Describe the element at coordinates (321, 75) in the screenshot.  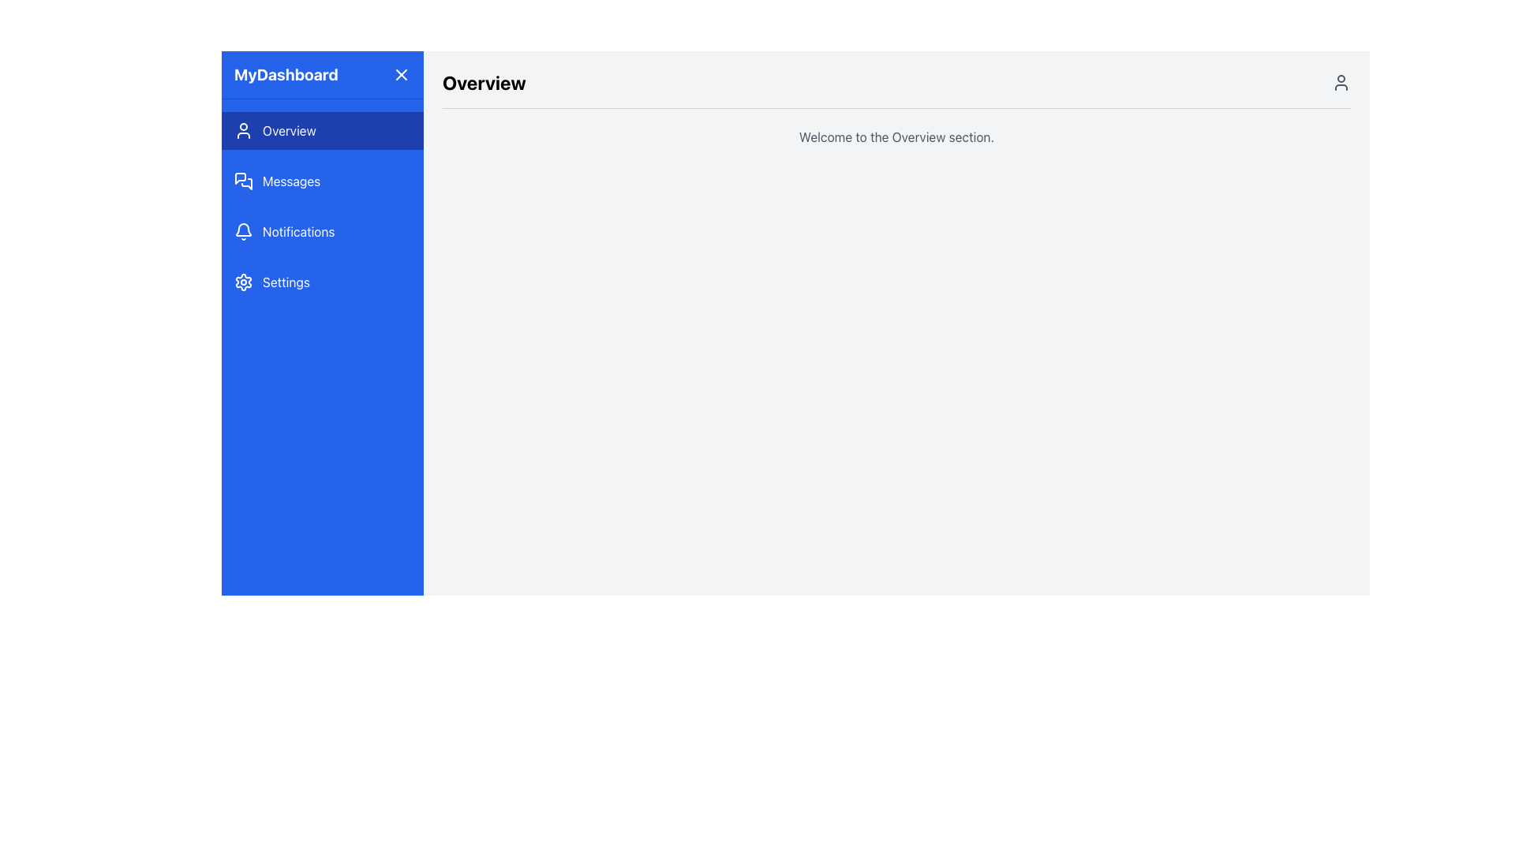
I see `the header element located at the top of the blue sidebar, which serves as the title for the current section` at that location.